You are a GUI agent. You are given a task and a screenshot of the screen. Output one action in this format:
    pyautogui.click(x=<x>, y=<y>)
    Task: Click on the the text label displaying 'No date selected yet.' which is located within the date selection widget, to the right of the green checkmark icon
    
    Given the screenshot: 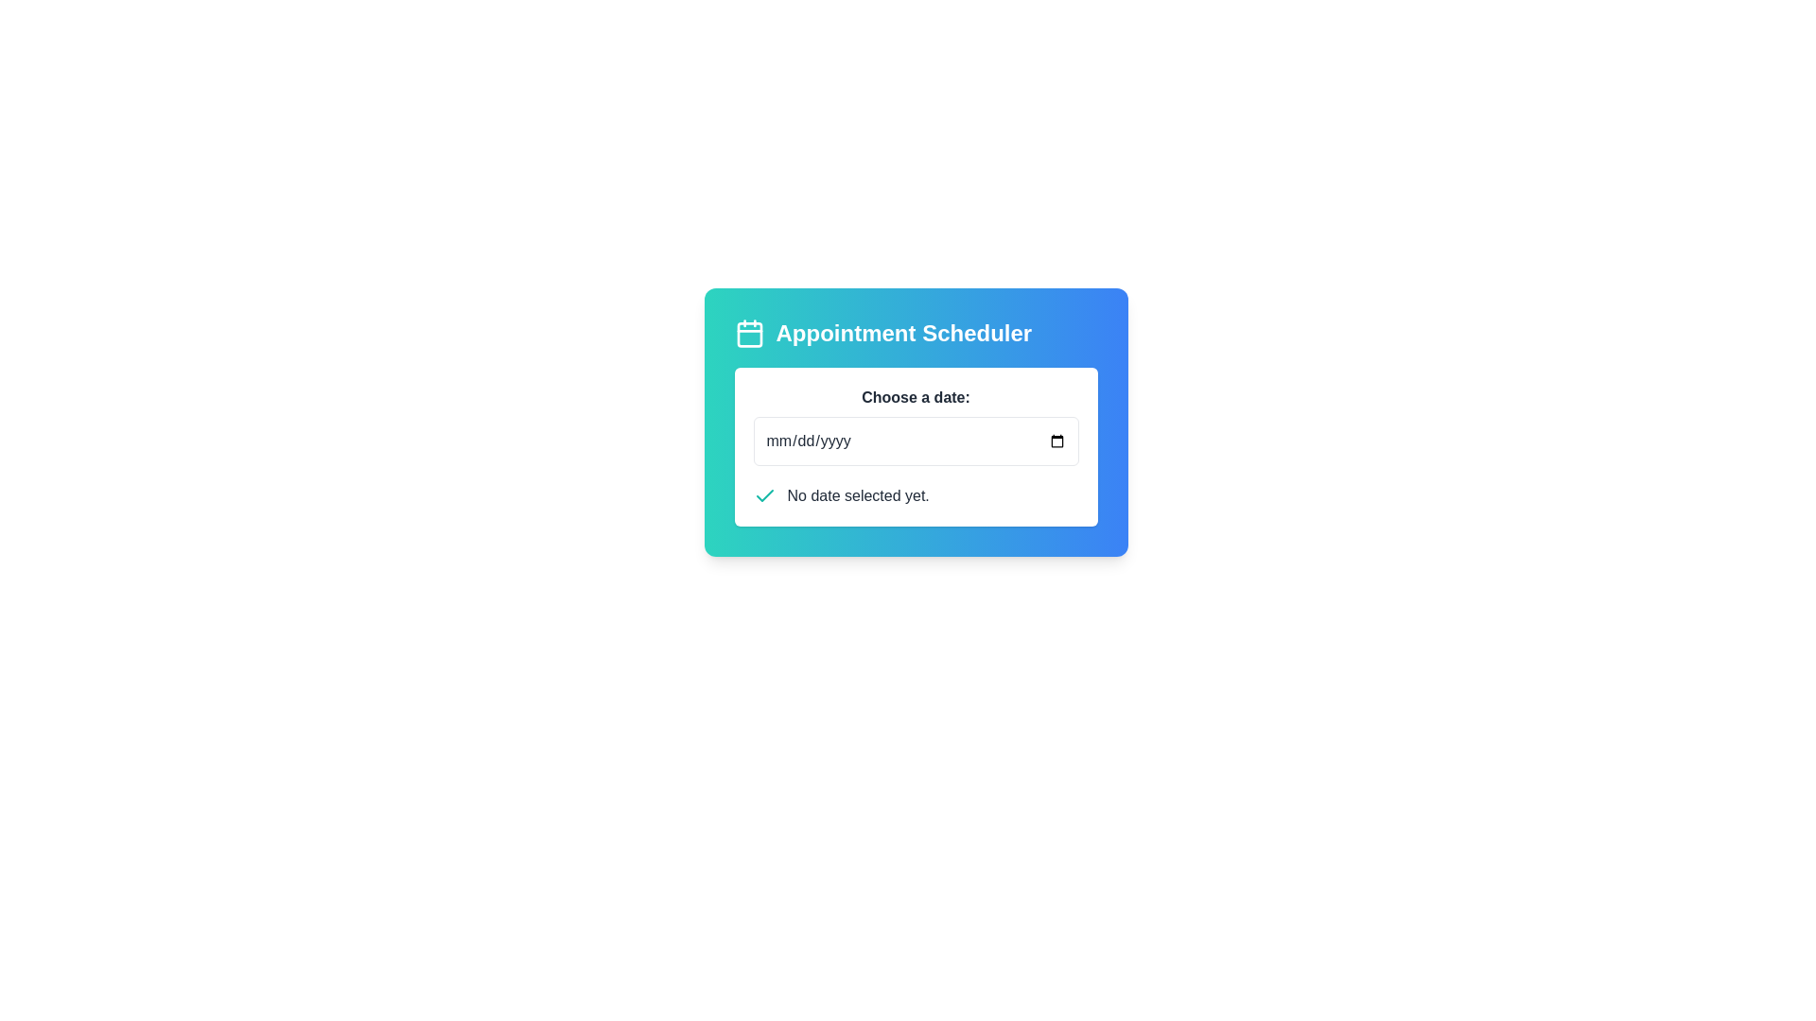 What is the action you would take?
    pyautogui.click(x=857, y=494)
    